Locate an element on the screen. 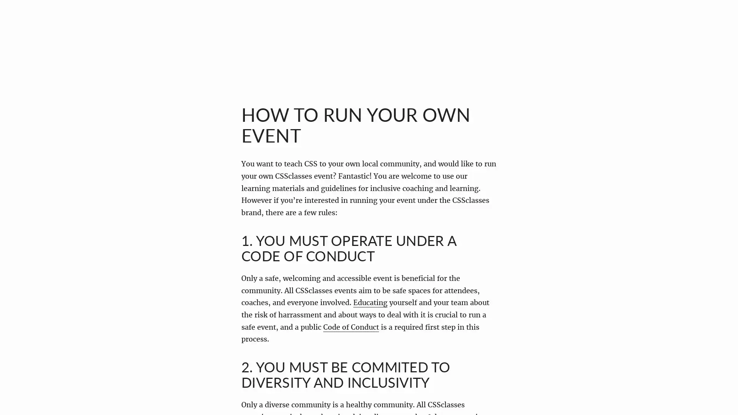 This screenshot has height=415, width=738. Open Menu is located at coordinates (25, 24).